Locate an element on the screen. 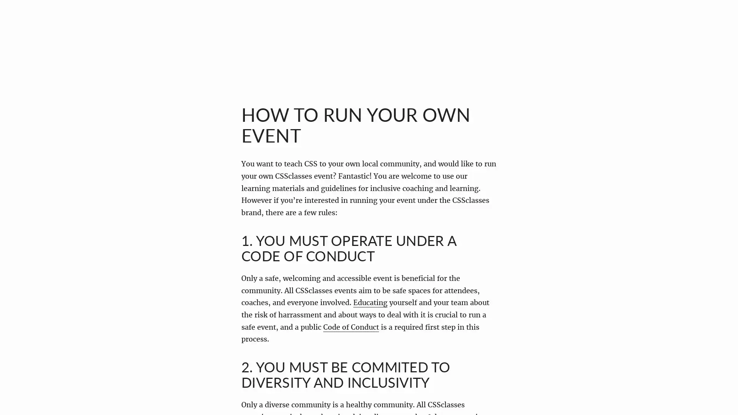 This screenshot has height=415, width=738. Open Menu is located at coordinates (25, 24).